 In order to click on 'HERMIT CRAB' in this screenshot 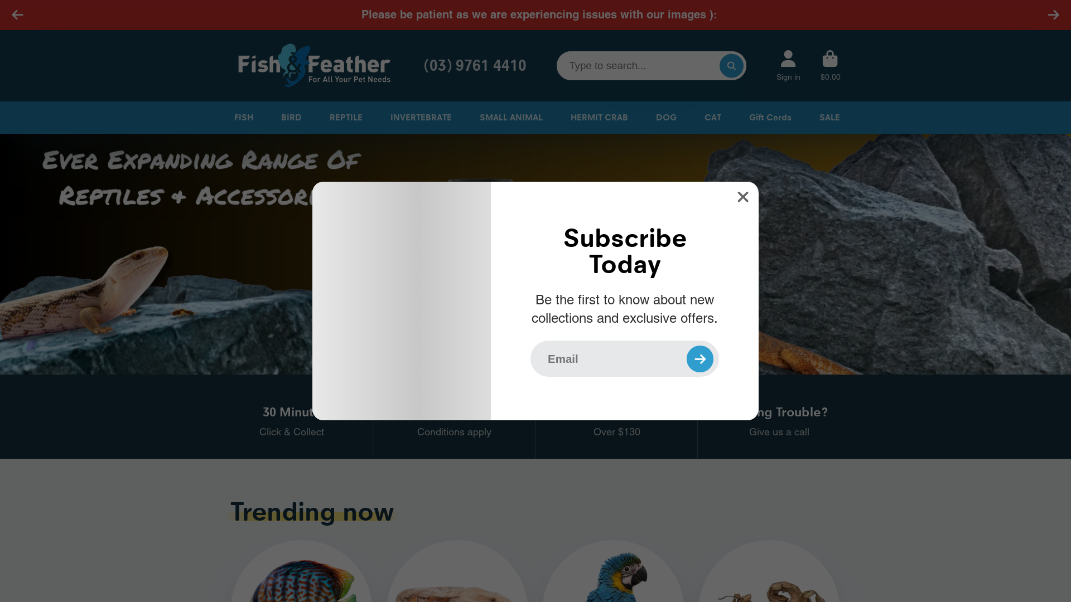, I will do `click(567, 118)`.